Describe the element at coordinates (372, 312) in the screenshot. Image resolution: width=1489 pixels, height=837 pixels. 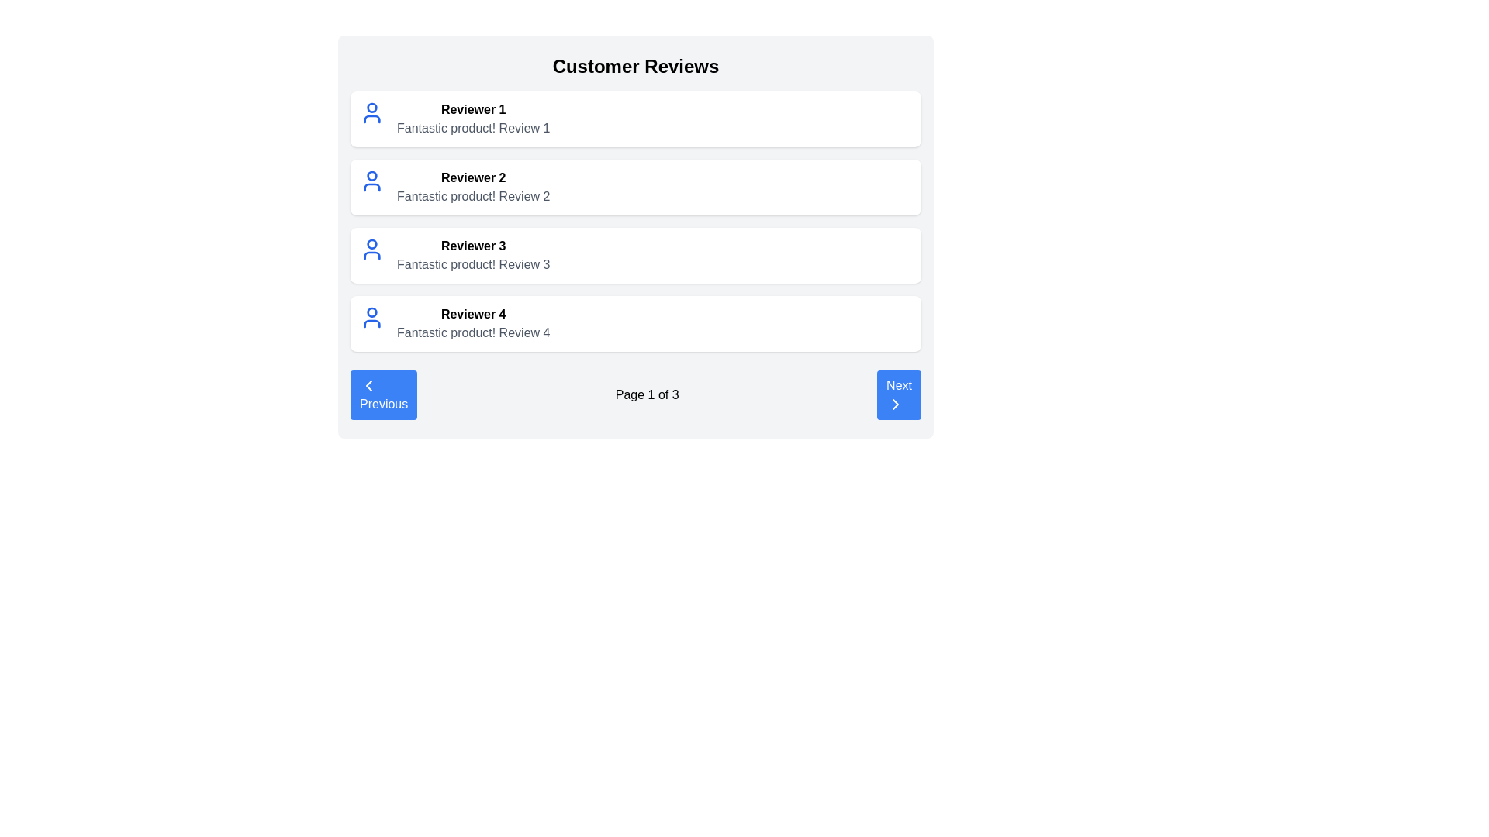
I see `the SVG Circle representing the user profile icon within the fourth item of the user reviews list, specifically associated with 'Reviewer 4'` at that location.